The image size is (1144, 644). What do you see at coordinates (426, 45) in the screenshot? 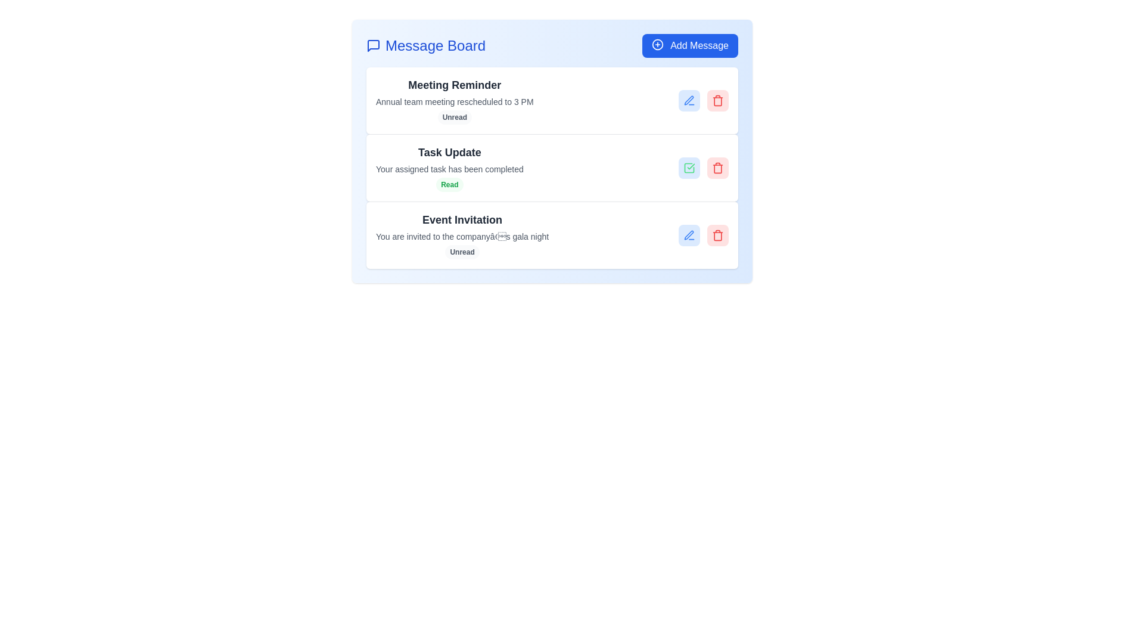
I see `the TextLabel displaying 'Message Board' with a blue font and a speech bubble icon, located in the top section of the layout` at bounding box center [426, 45].